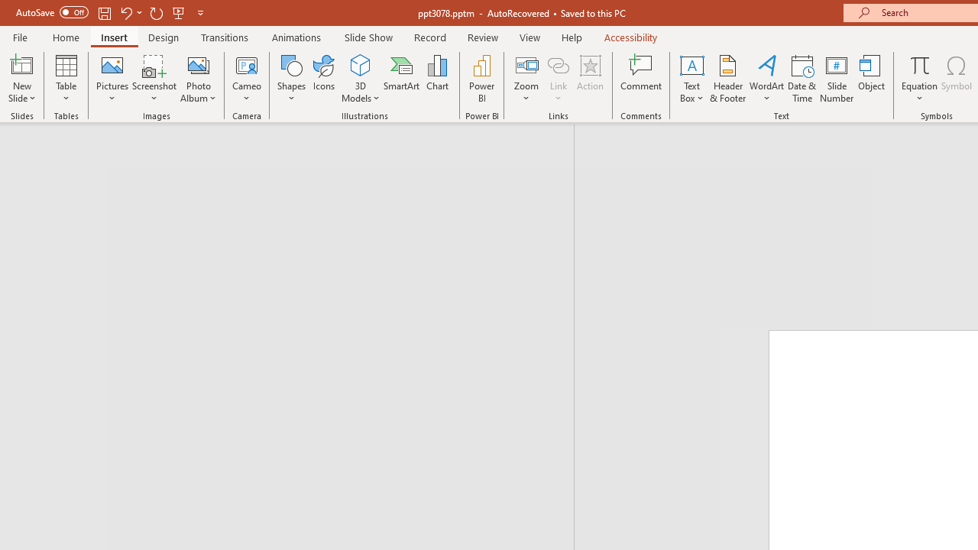 Image resolution: width=978 pixels, height=550 pixels. What do you see at coordinates (481, 79) in the screenshot?
I see `'Power BI'` at bounding box center [481, 79].